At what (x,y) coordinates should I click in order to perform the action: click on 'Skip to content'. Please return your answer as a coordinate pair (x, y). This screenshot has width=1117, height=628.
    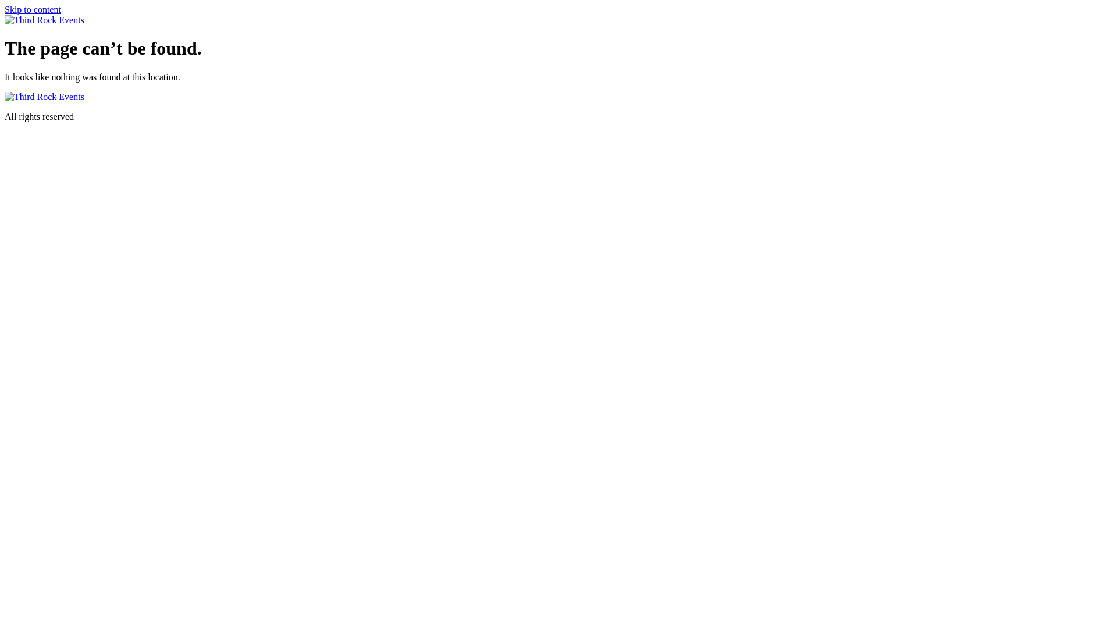
    Looking at the image, I should click on (5, 9).